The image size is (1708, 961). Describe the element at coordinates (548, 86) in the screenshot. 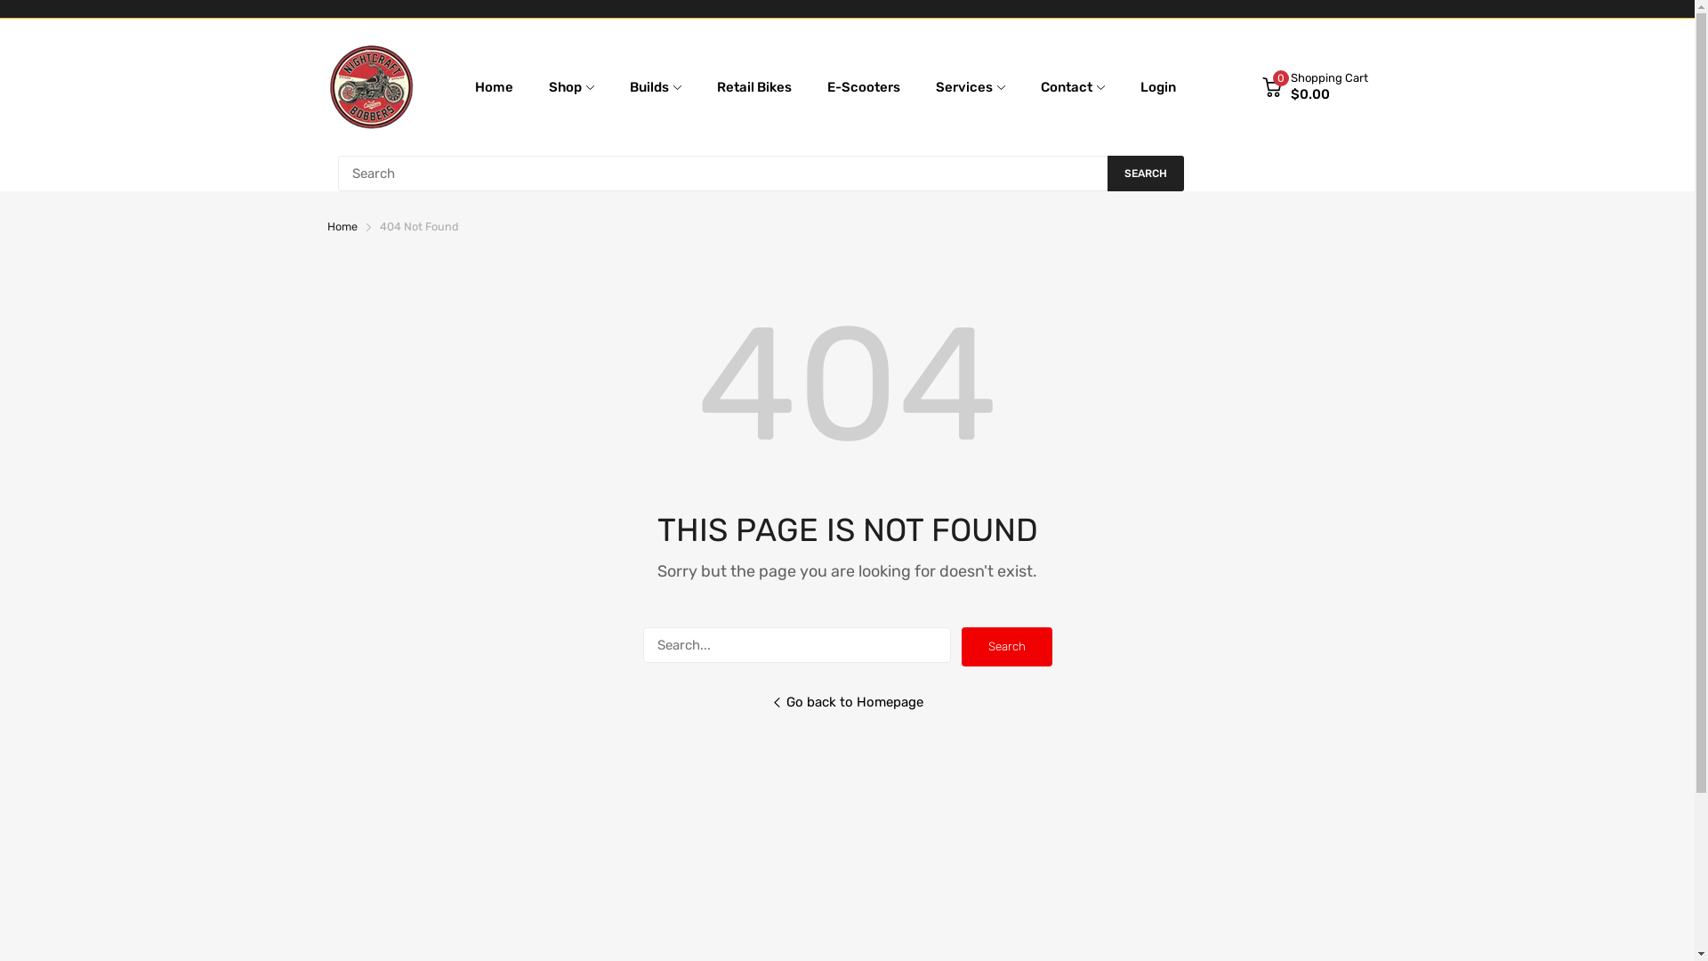

I see `'Shop'` at that location.